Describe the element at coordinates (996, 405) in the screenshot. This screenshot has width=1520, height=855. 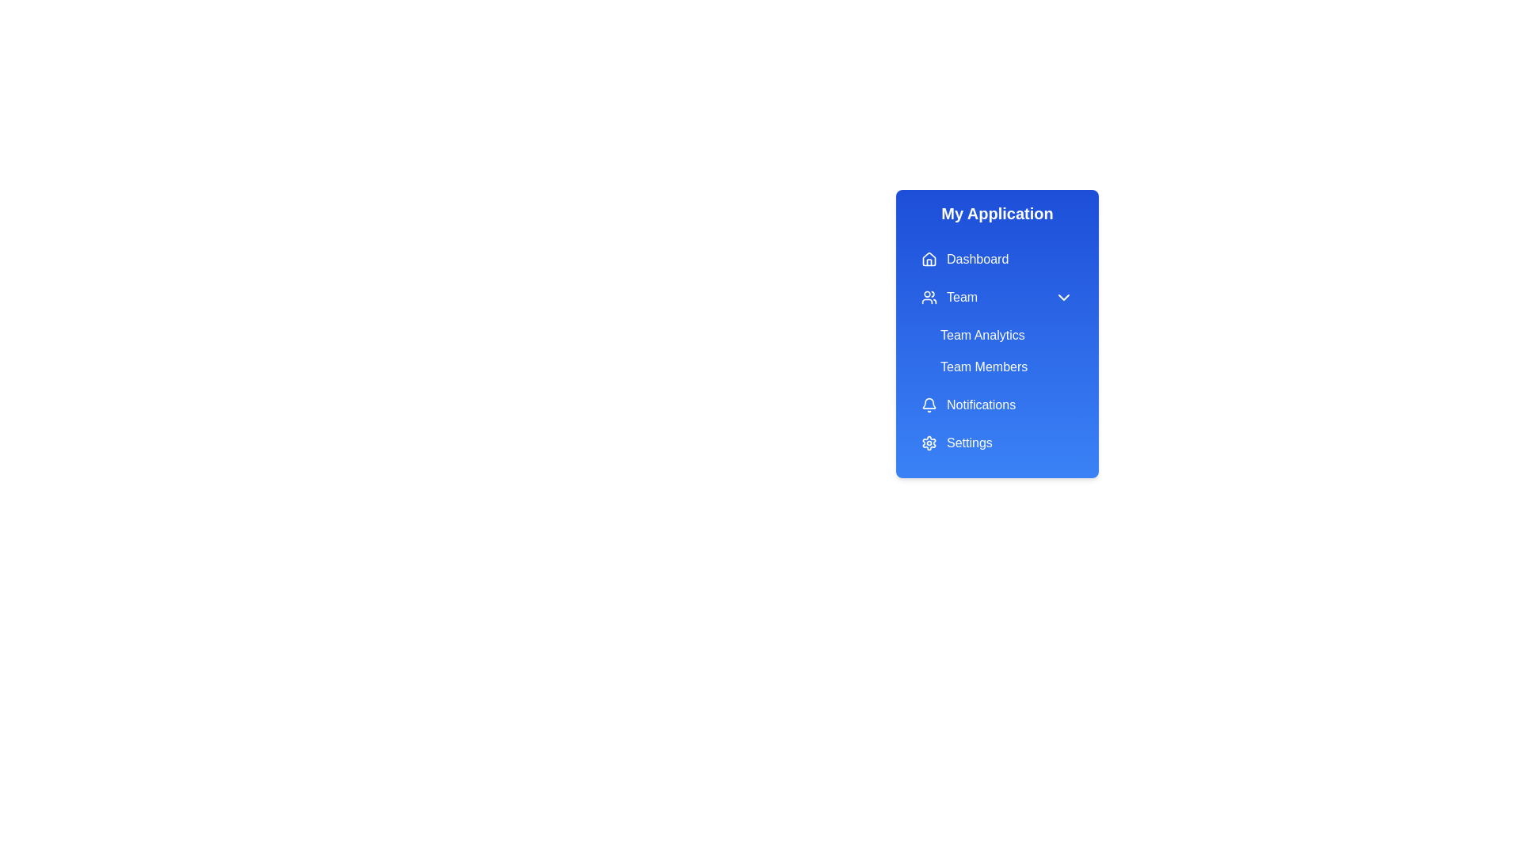
I see `the 'Notifications' button with a bell icon, which is the fifth item in the sidebar menu` at that location.